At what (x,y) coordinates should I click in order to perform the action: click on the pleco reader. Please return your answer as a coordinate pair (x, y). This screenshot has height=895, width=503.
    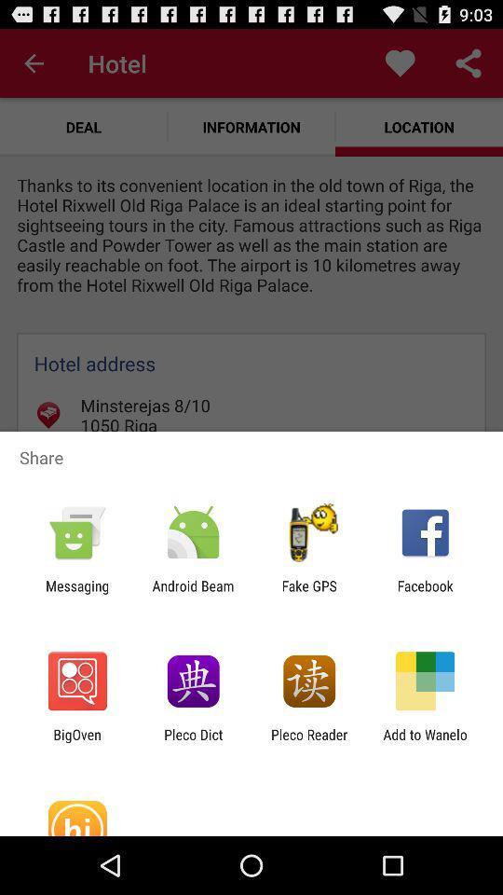
    Looking at the image, I should click on (309, 742).